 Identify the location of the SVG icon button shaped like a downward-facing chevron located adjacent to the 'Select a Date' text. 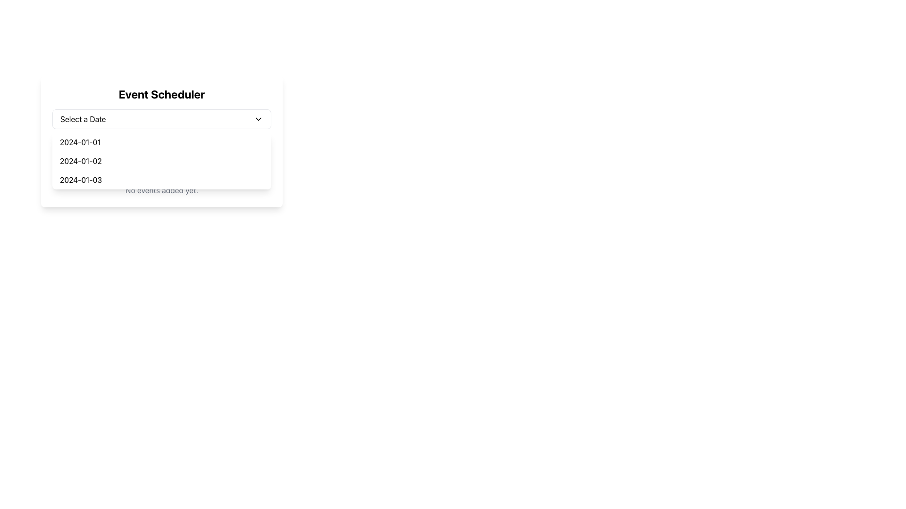
(258, 119).